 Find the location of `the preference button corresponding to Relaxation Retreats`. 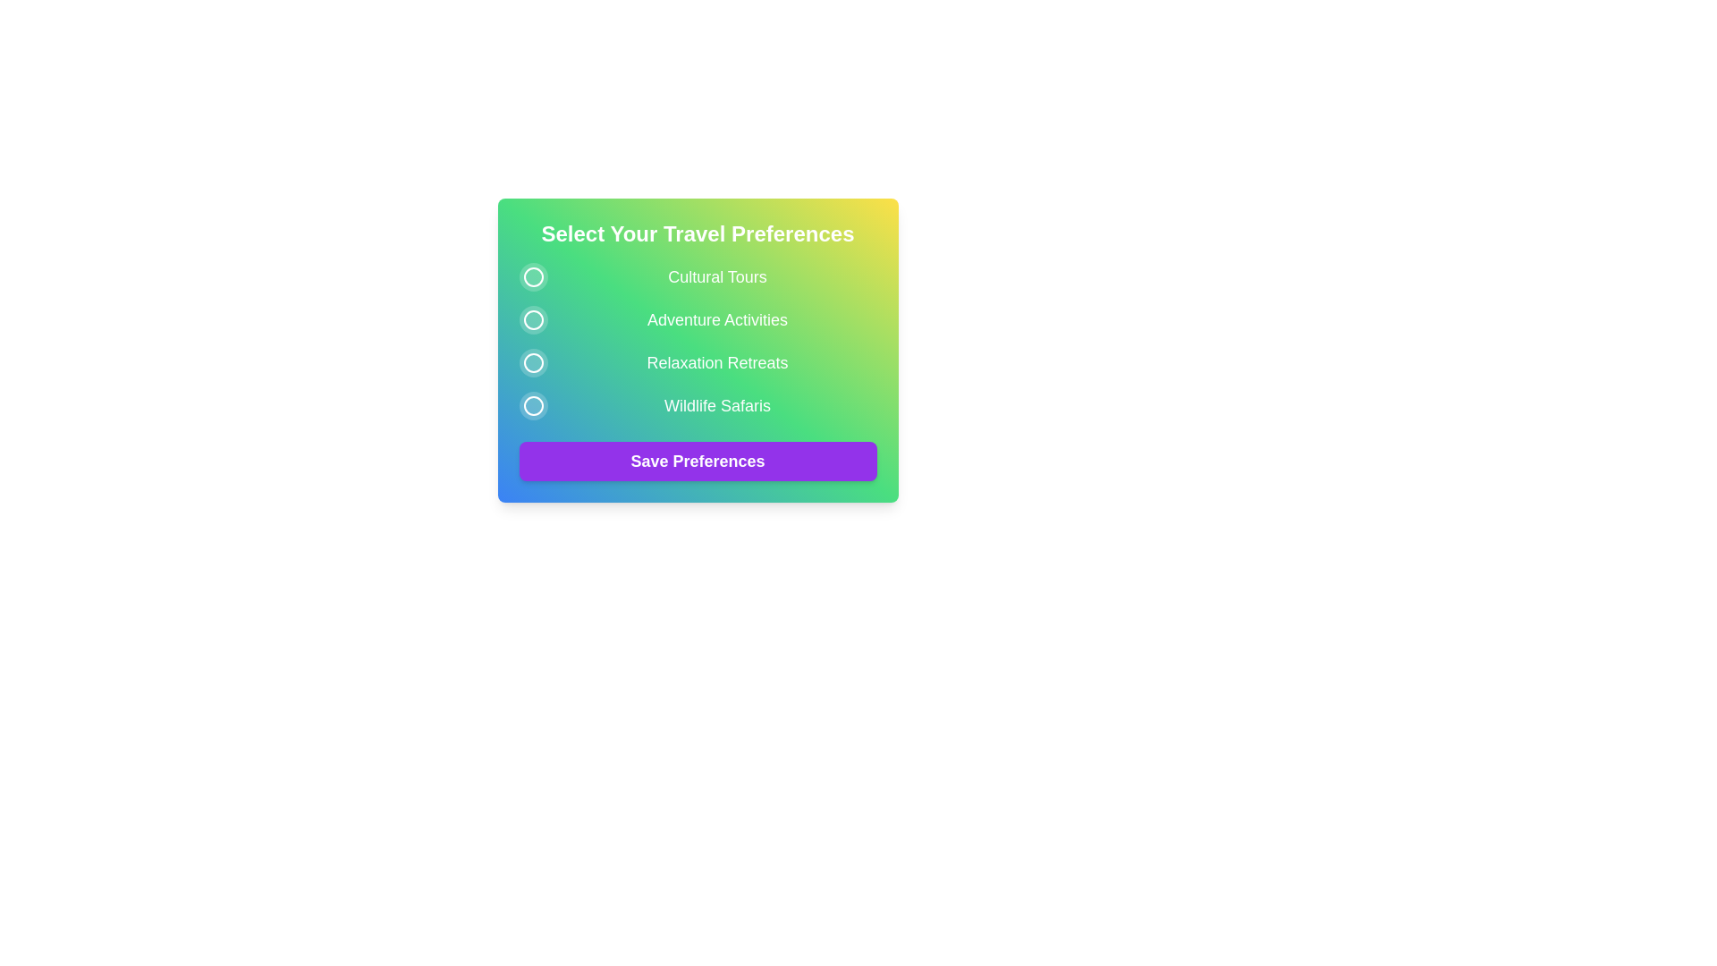

the preference button corresponding to Relaxation Retreats is located at coordinates (532, 362).